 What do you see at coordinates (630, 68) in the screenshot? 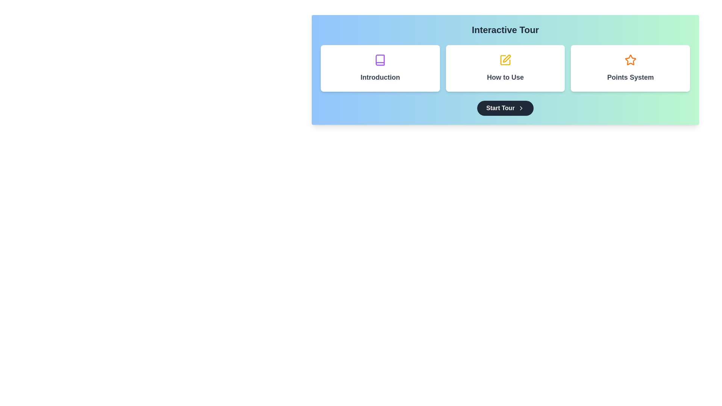
I see `the 'Points System' clickable informational card` at bounding box center [630, 68].